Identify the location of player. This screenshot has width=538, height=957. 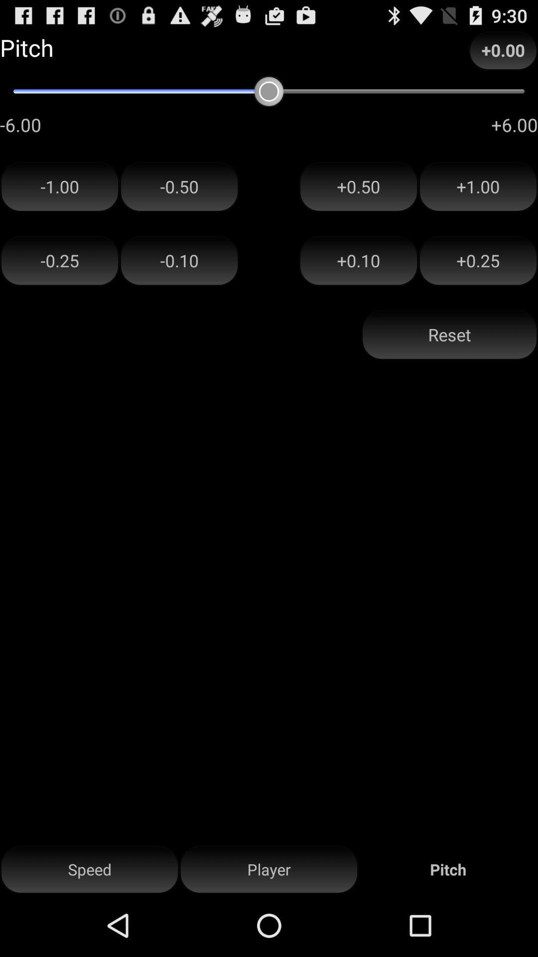
(269, 869).